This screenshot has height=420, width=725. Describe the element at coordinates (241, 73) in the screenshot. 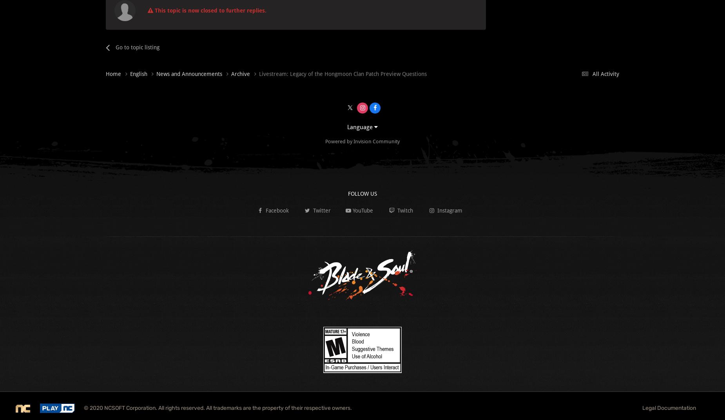

I see `'Archive'` at that location.